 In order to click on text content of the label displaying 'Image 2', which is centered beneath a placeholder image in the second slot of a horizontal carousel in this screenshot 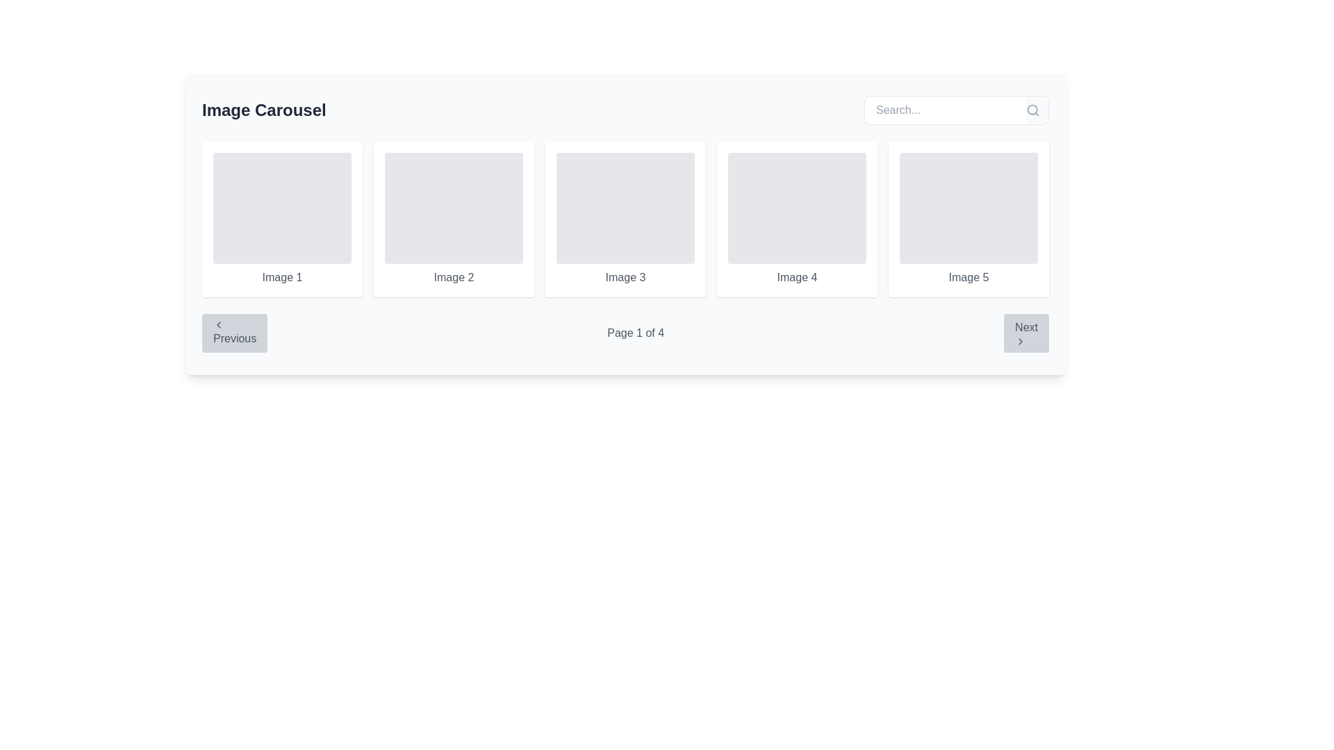, I will do `click(454, 278)`.